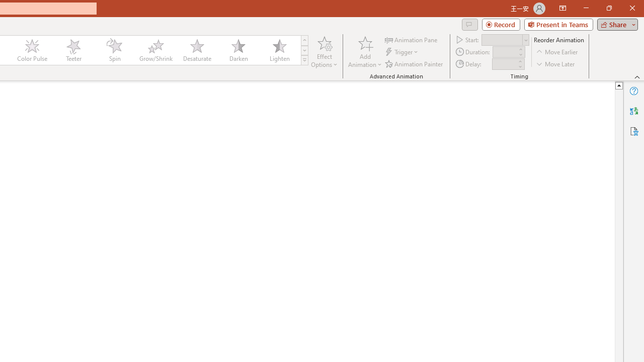 Image resolution: width=644 pixels, height=362 pixels. Describe the element at coordinates (364, 52) in the screenshot. I see `'Add Animation'` at that location.